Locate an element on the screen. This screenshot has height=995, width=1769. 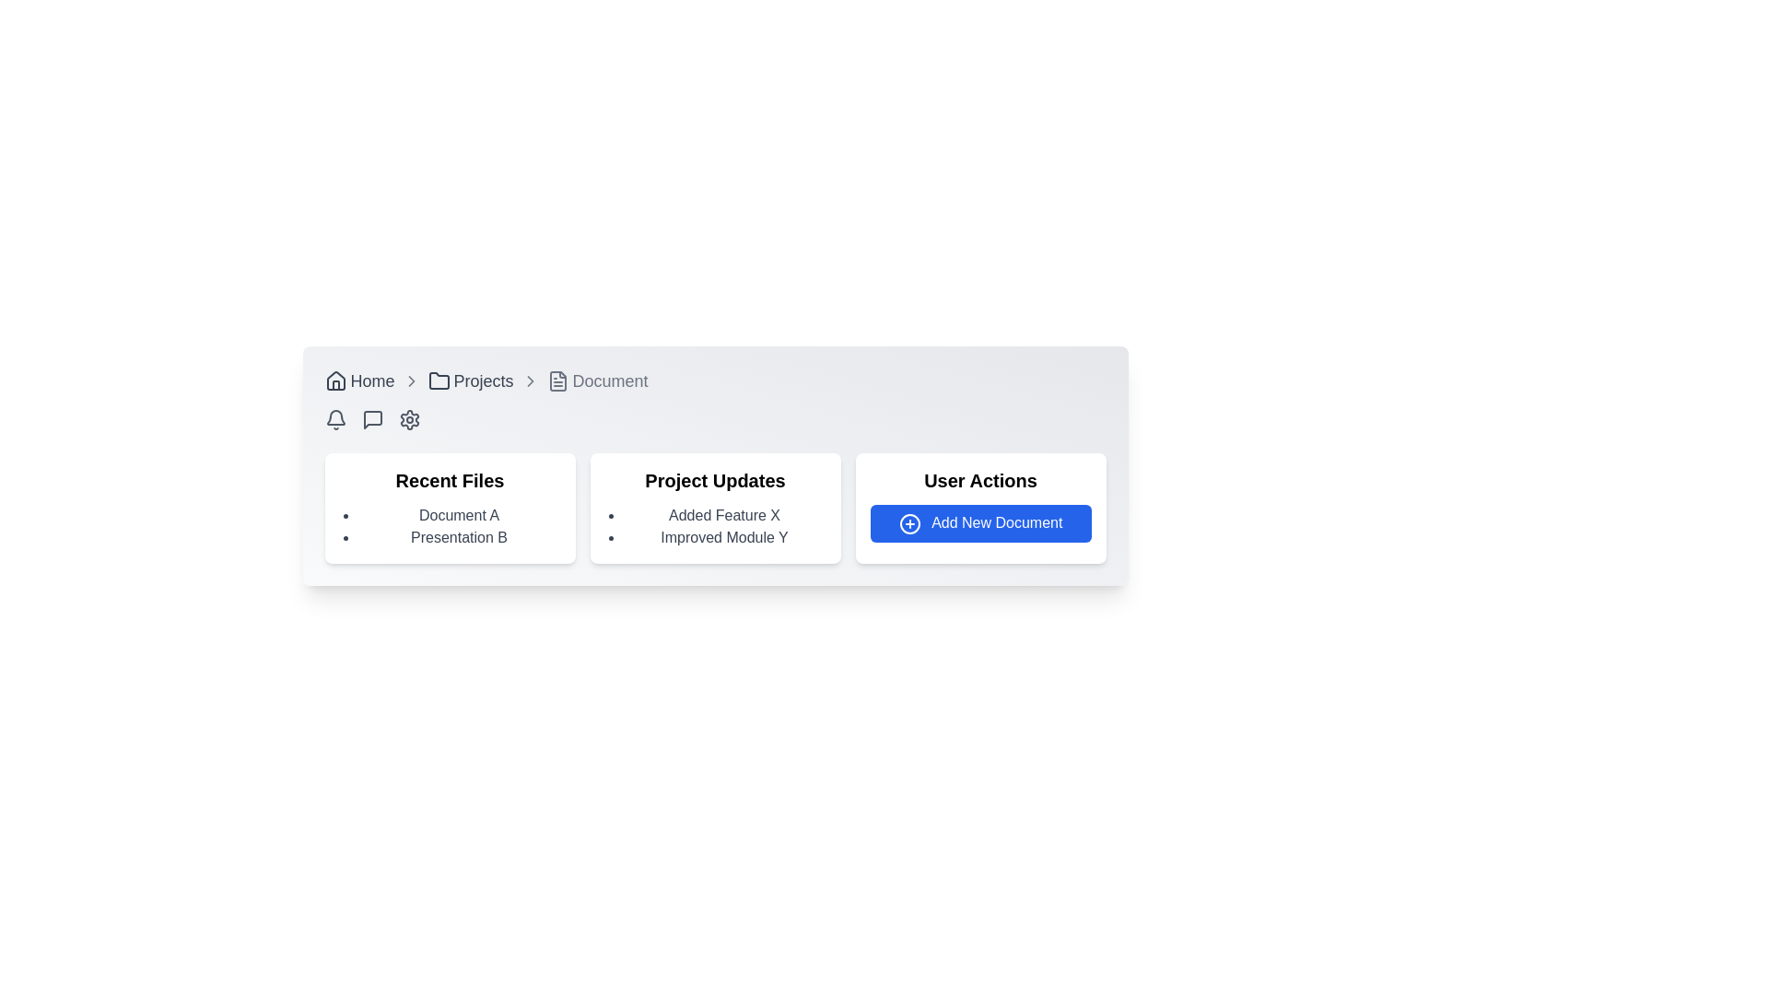
the second entry in the 'Recent Files' list, which displays a file name or document title, located below 'Document A' is located at coordinates (459, 537).